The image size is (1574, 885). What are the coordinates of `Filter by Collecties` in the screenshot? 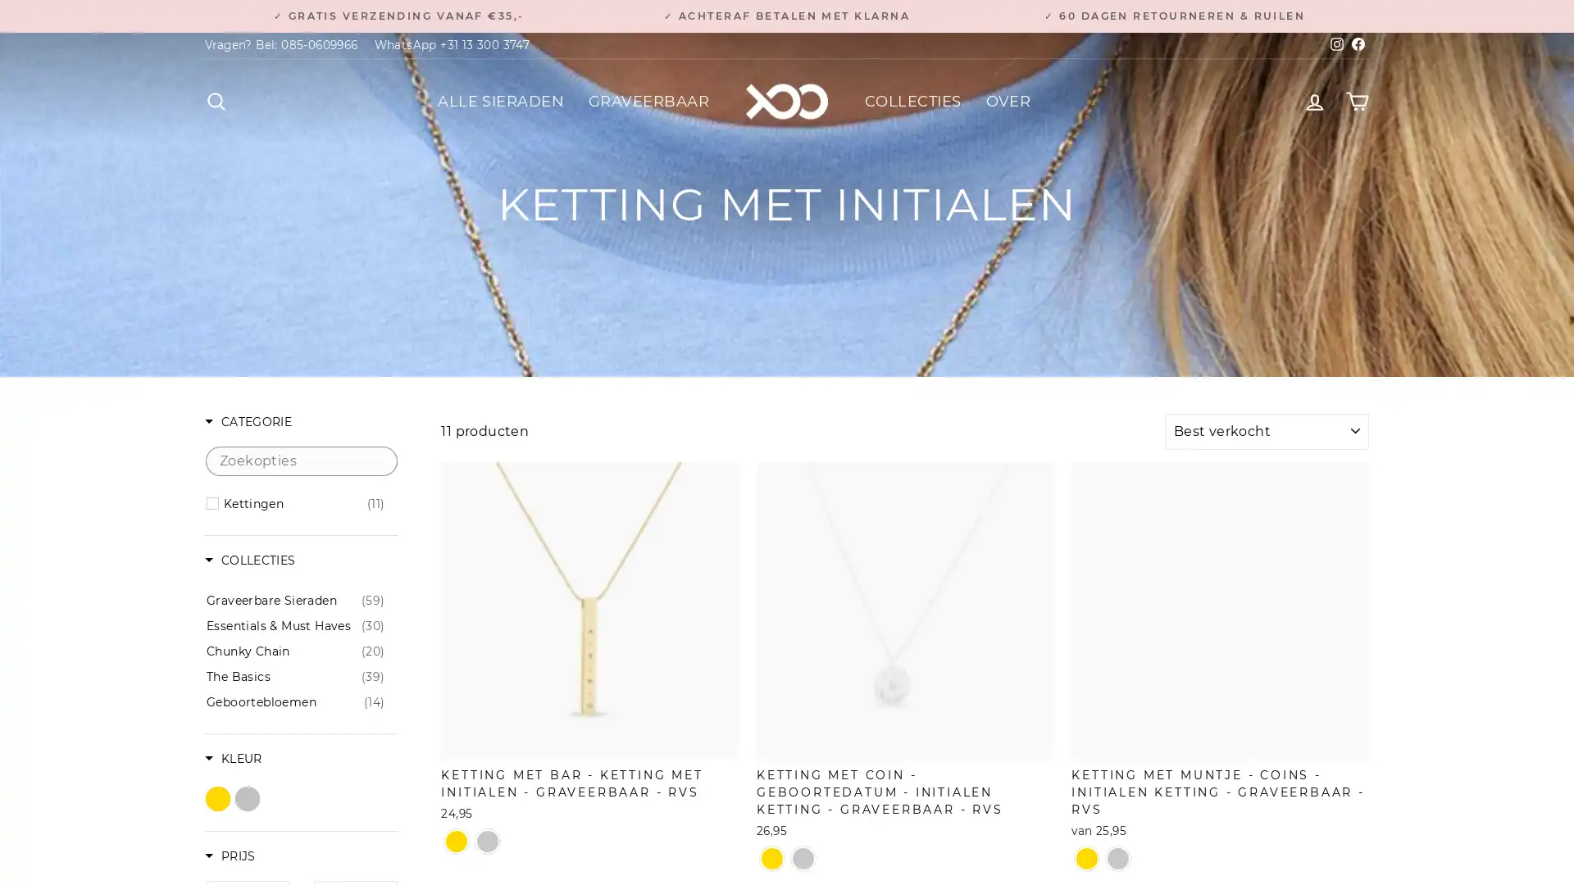 It's located at (249, 560).